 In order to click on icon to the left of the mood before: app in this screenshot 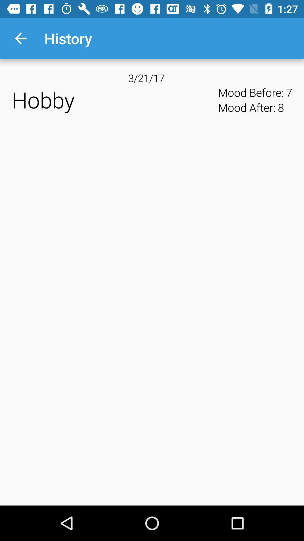, I will do `click(113, 100)`.